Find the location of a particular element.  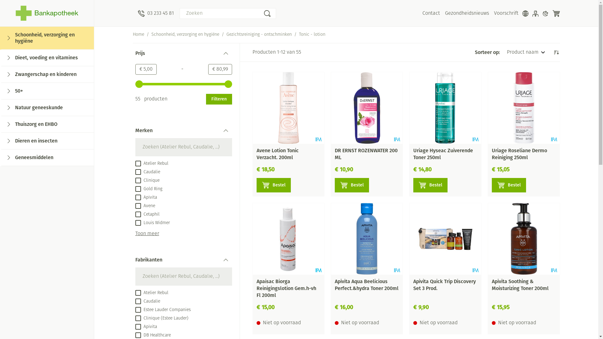

'Klant menu' is located at coordinates (535, 13).